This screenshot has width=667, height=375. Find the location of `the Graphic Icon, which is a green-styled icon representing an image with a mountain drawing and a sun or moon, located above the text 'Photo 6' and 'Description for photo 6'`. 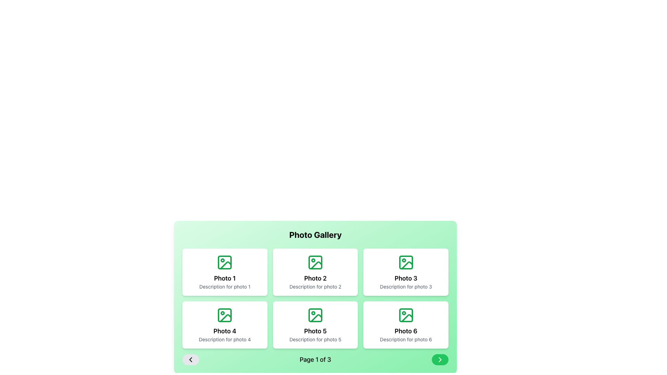

the Graphic Icon, which is a green-styled icon representing an image with a mountain drawing and a sun or moon, located above the text 'Photo 6' and 'Description for photo 6' is located at coordinates (406, 315).